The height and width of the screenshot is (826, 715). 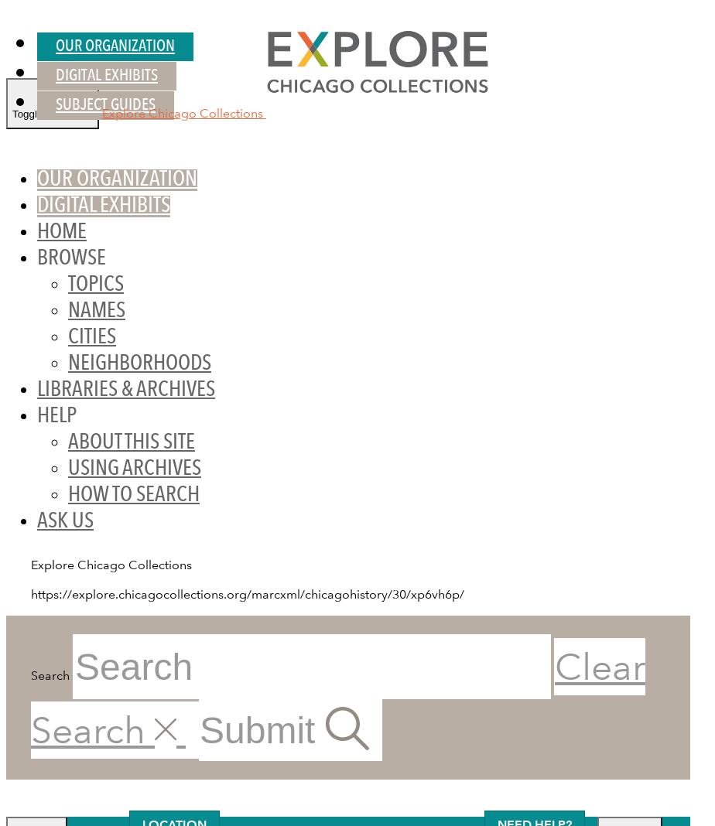 What do you see at coordinates (96, 284) in the screenshot?
I see `'Topics'` at bounding box center [96, 284].